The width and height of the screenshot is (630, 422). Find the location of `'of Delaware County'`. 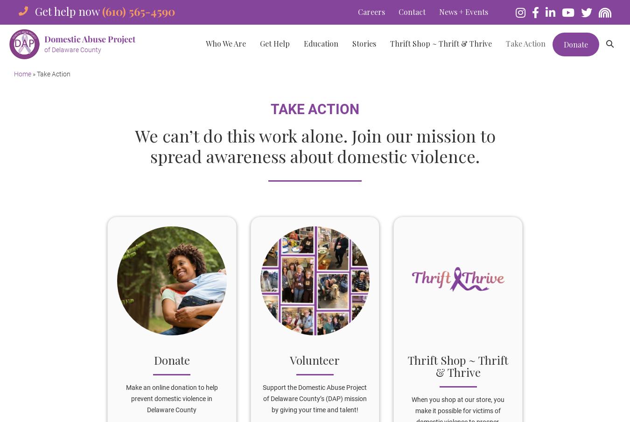

'of Delaware County' is located at coordinates (73, 49).